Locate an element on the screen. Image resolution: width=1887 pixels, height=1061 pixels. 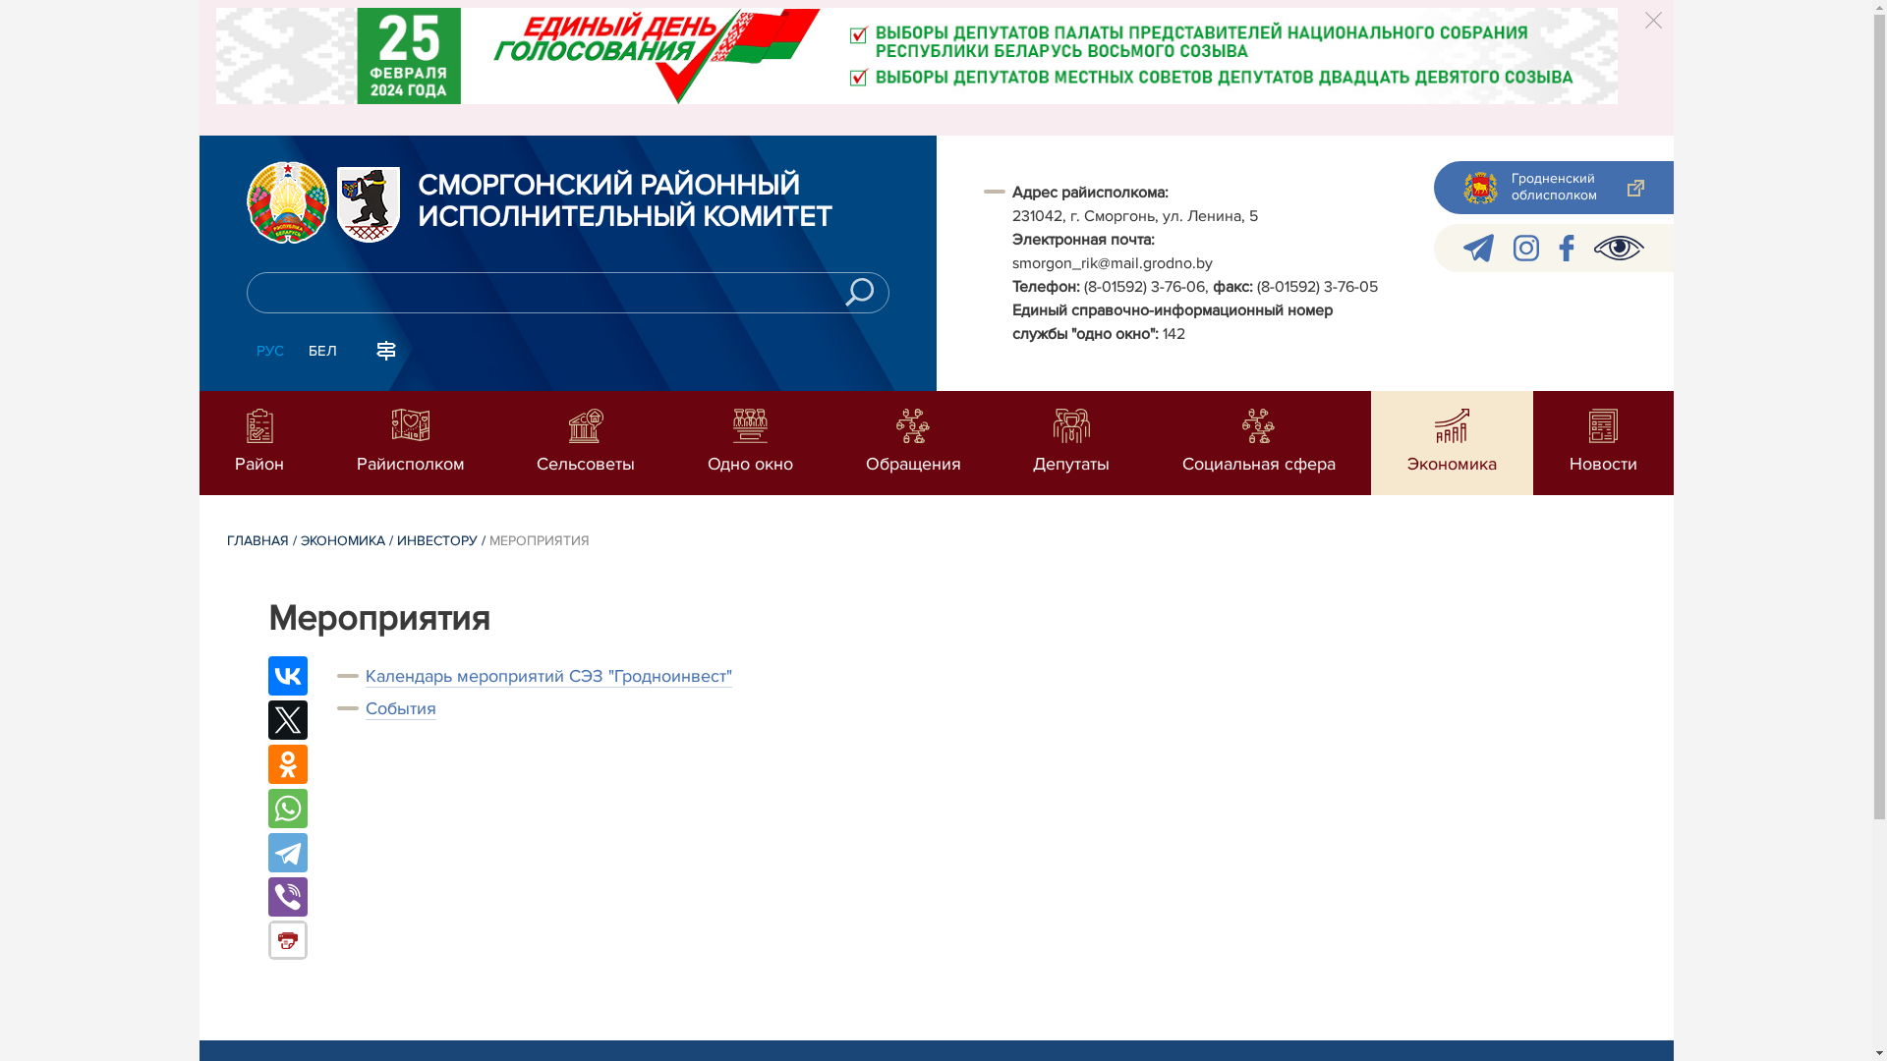
'instagram' is located at coordinates (1525, 247).